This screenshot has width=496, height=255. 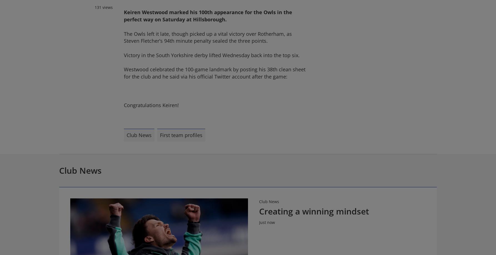 What do you see at coordinates (124, 105) in the screenshot?
I see `'Congratulations Keiren!'` at bounding box center [124, 105].